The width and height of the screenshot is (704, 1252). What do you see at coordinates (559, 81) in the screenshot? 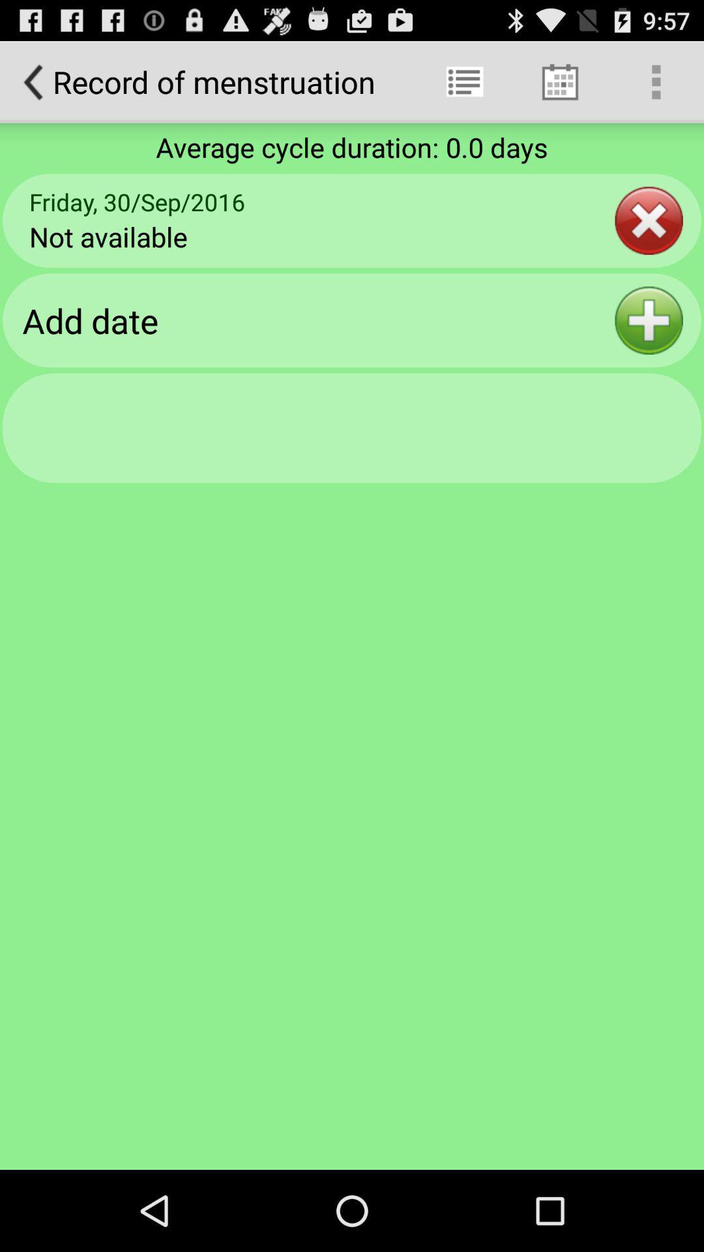
I see `the icon above the average cycle duration item` at bounding box center [559, 81].